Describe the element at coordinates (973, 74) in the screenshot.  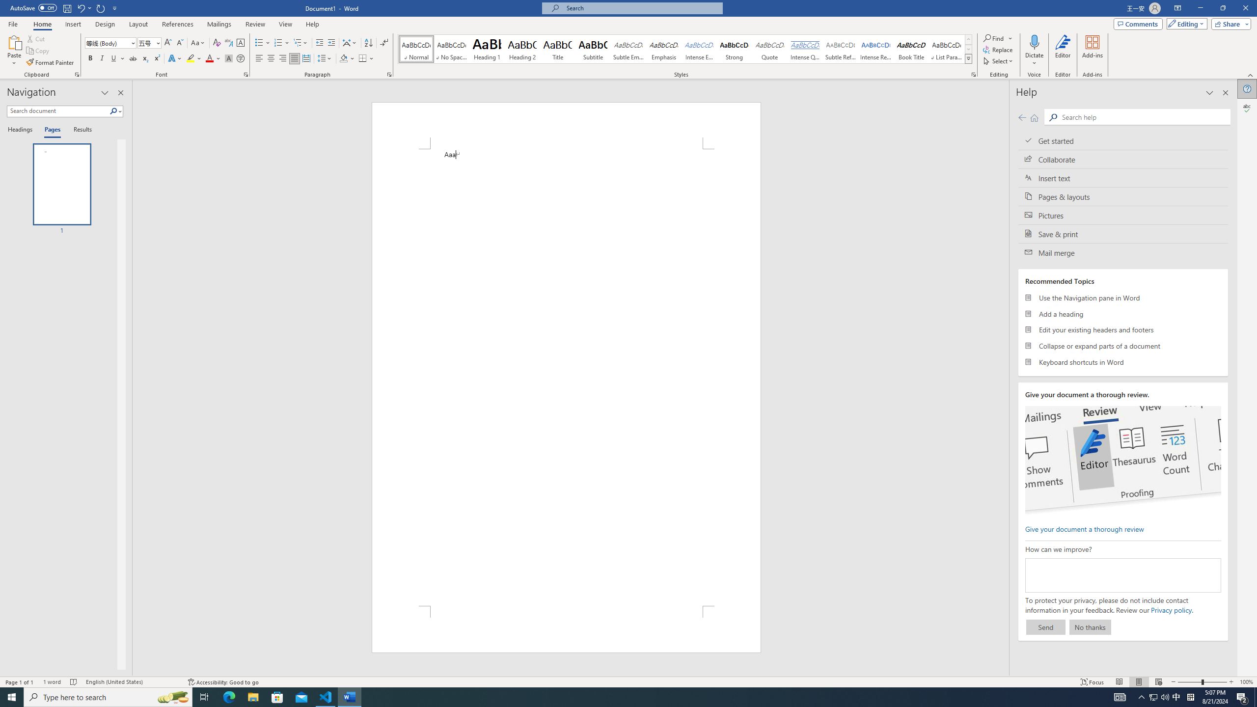
I see `'Styles...'` at that location.